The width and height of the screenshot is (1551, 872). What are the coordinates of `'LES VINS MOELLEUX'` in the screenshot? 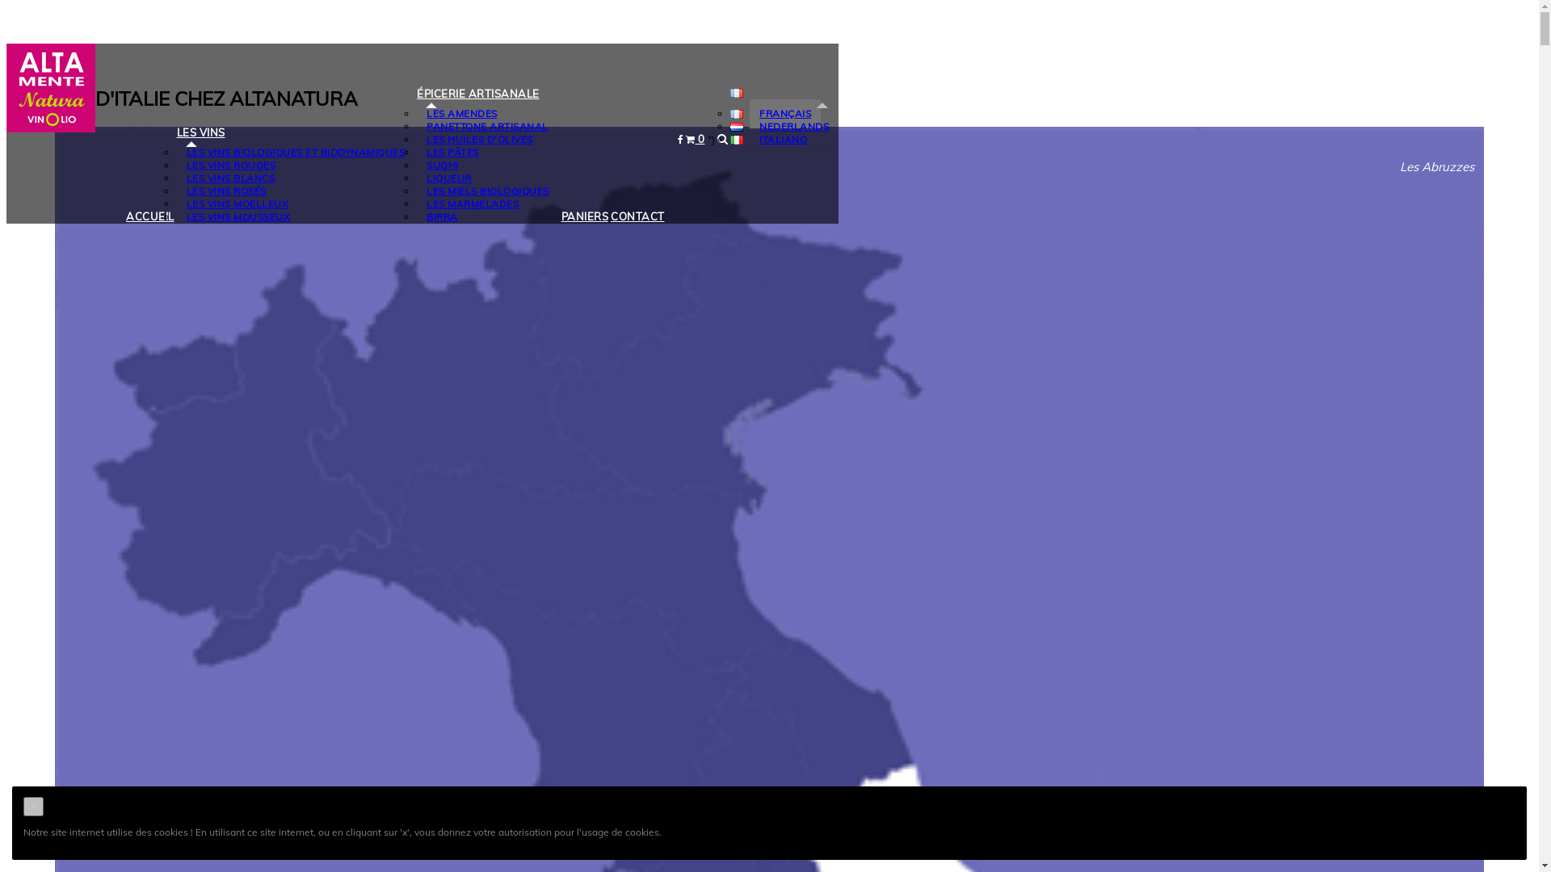 It's located at (236, 203).